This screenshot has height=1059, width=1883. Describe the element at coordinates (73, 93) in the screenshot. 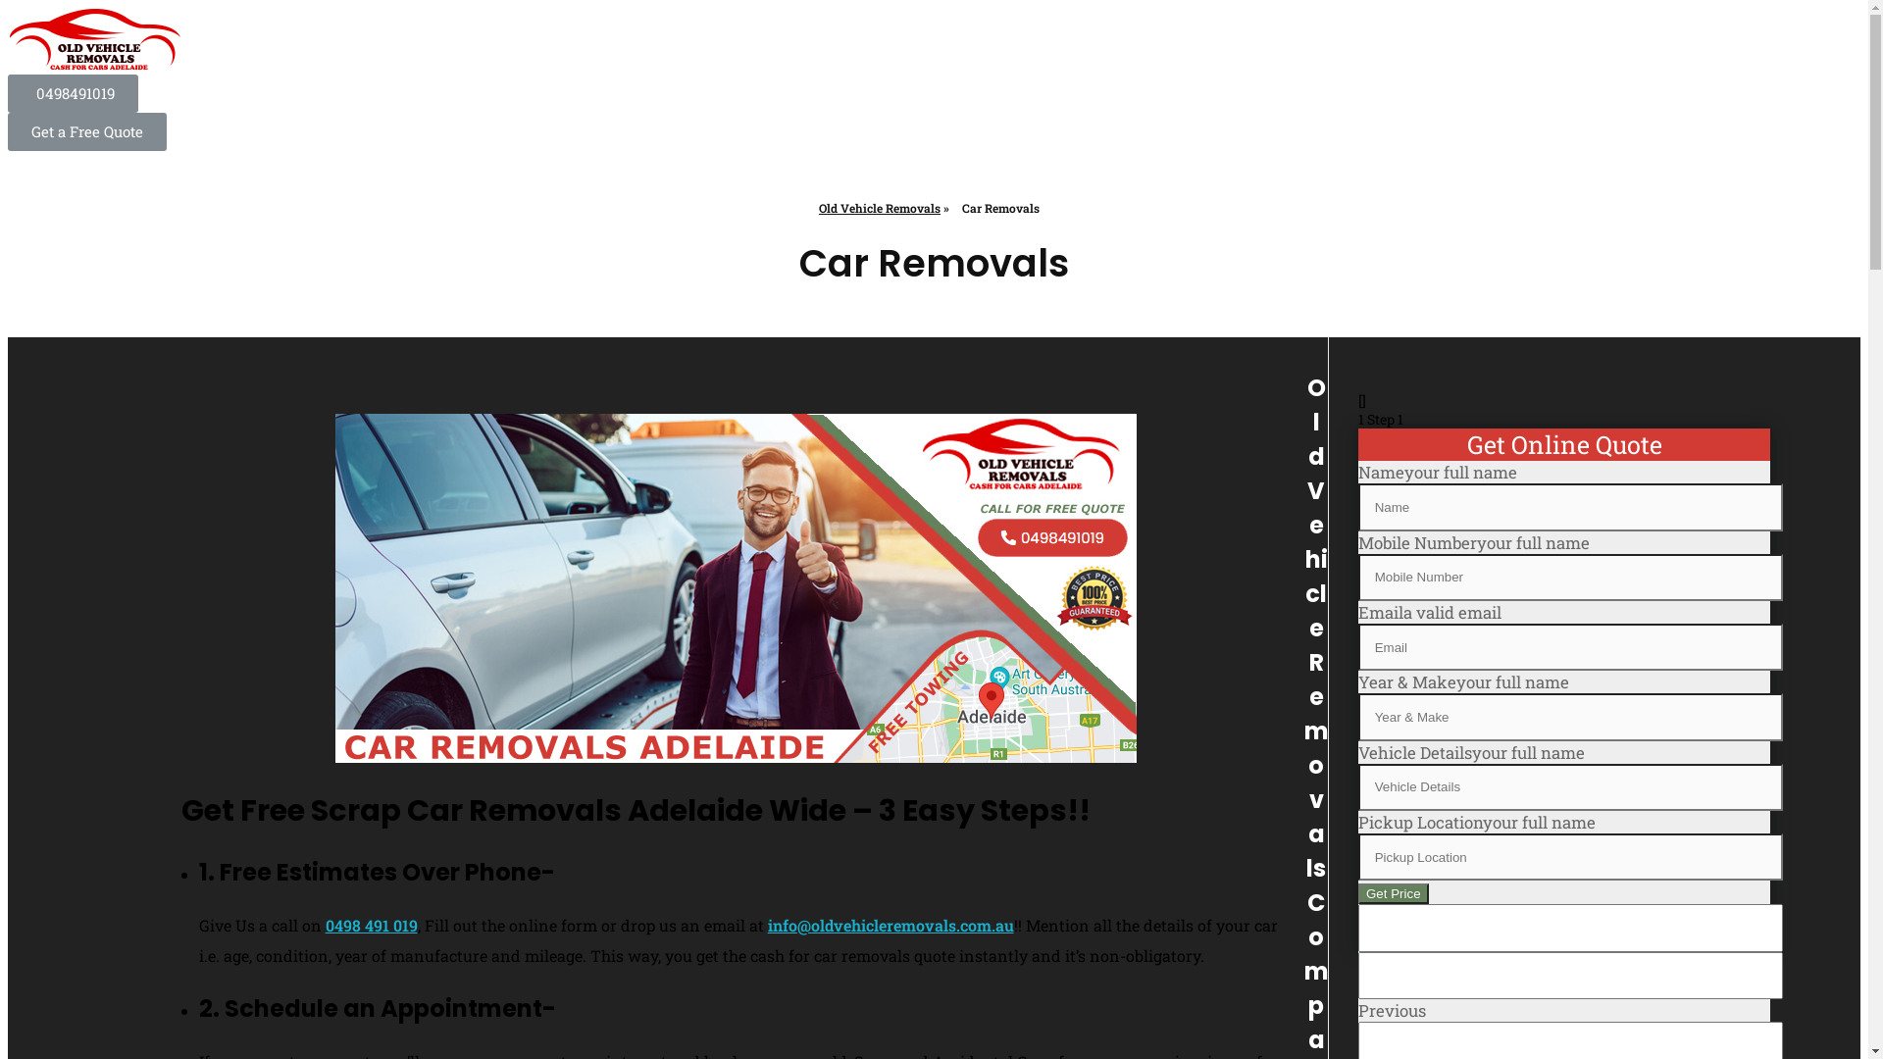

I see `'0498491019'` at that location.